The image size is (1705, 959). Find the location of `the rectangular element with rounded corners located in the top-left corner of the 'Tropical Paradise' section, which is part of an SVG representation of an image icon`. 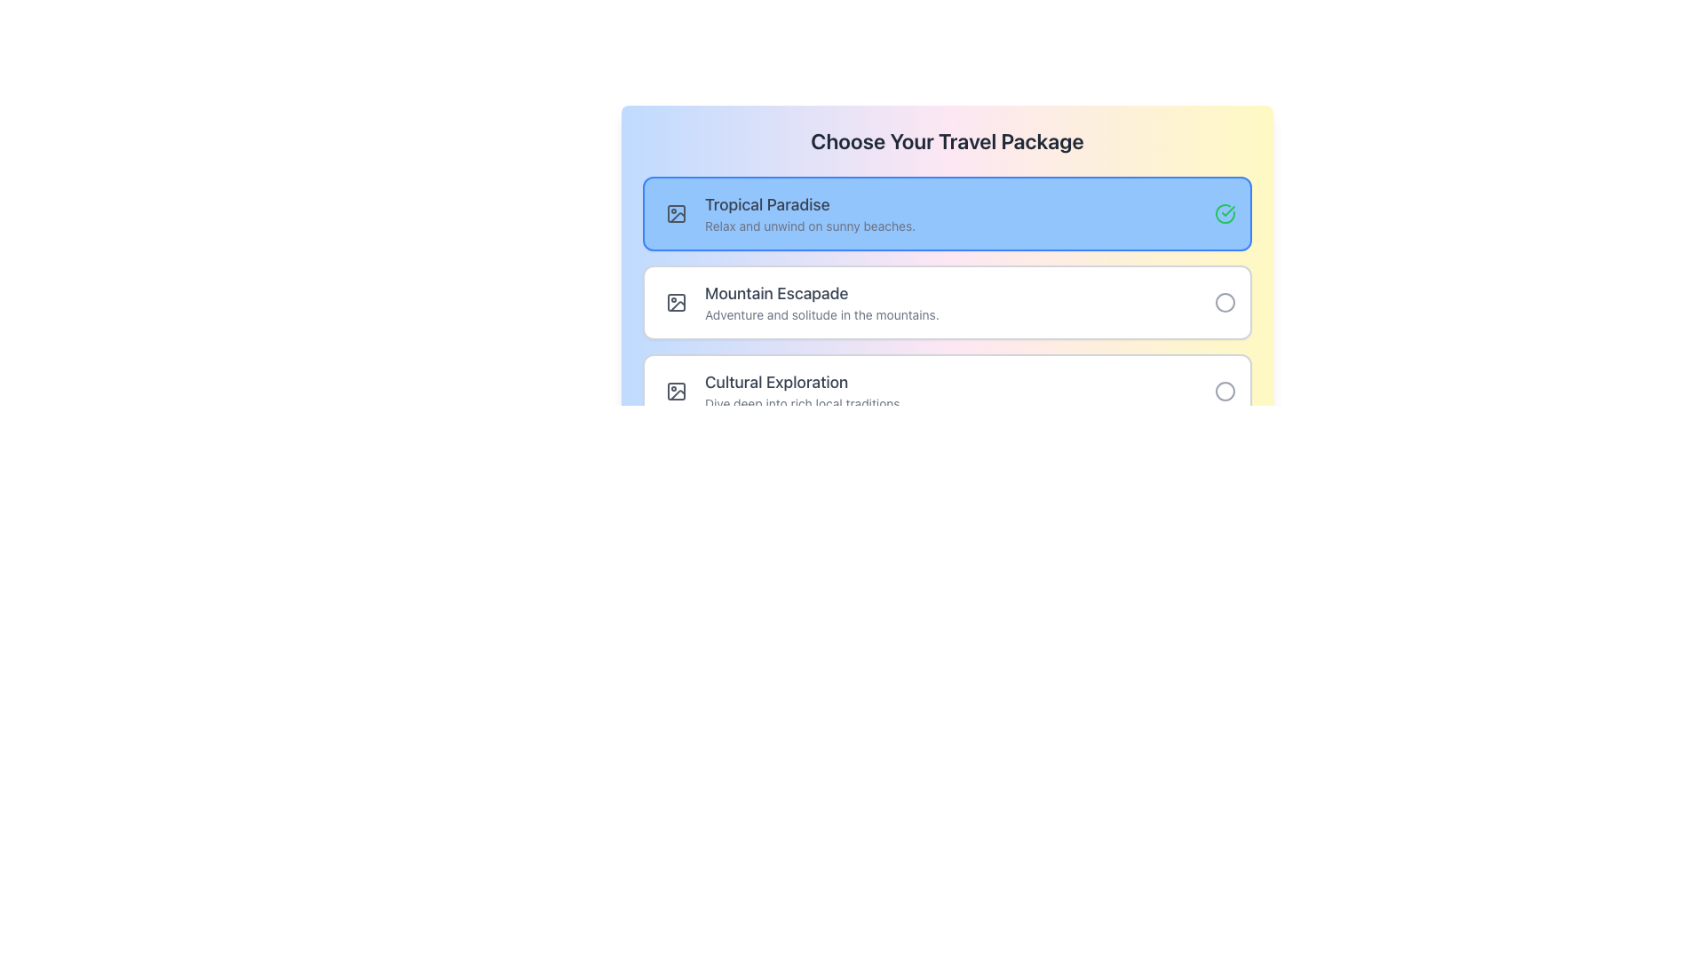

the rectangular element with rounded corners located in the top-left corner of the 'Tropical Paradise' section, which is part of an SVG representation of an image icon is located at coordinates (676, 212).